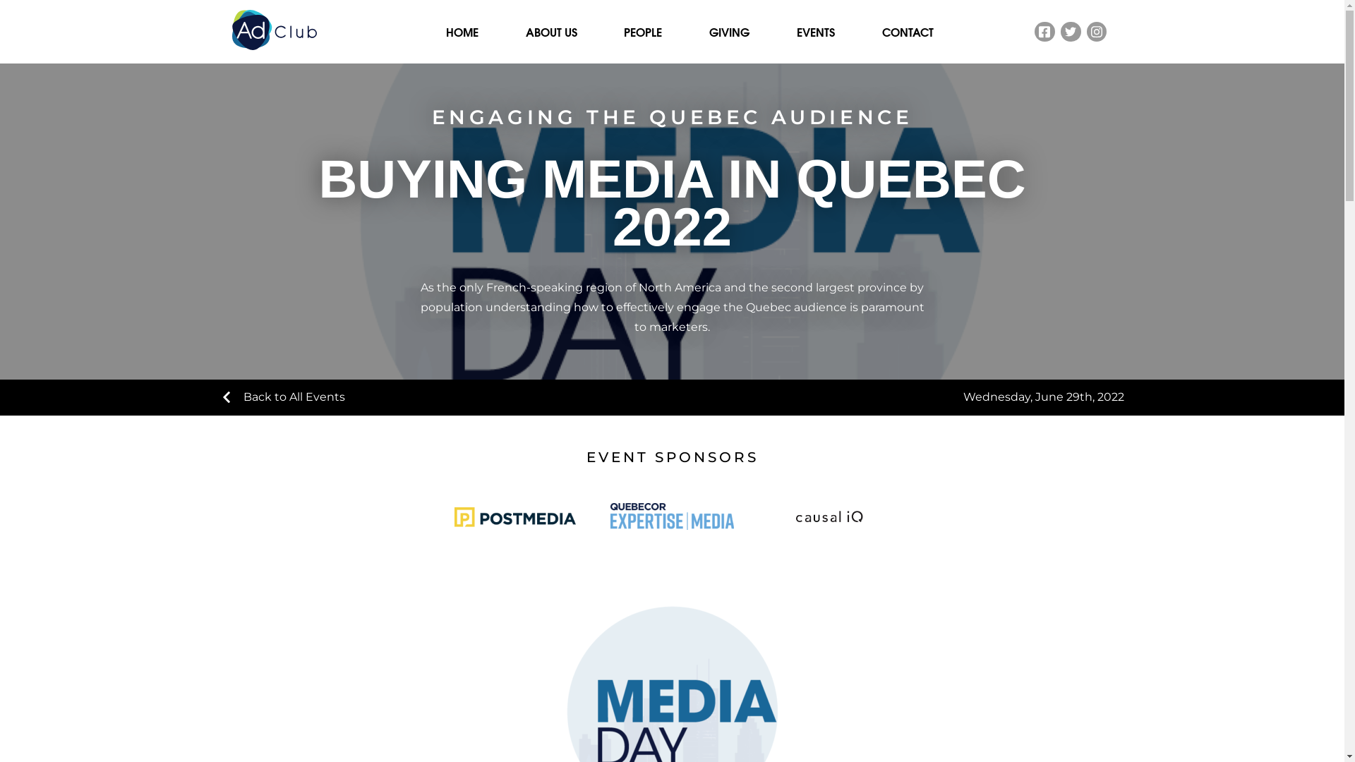 The height and width of the screenshot is (762, 1355). I want to click on 'EVENTS', so click(816, 32).